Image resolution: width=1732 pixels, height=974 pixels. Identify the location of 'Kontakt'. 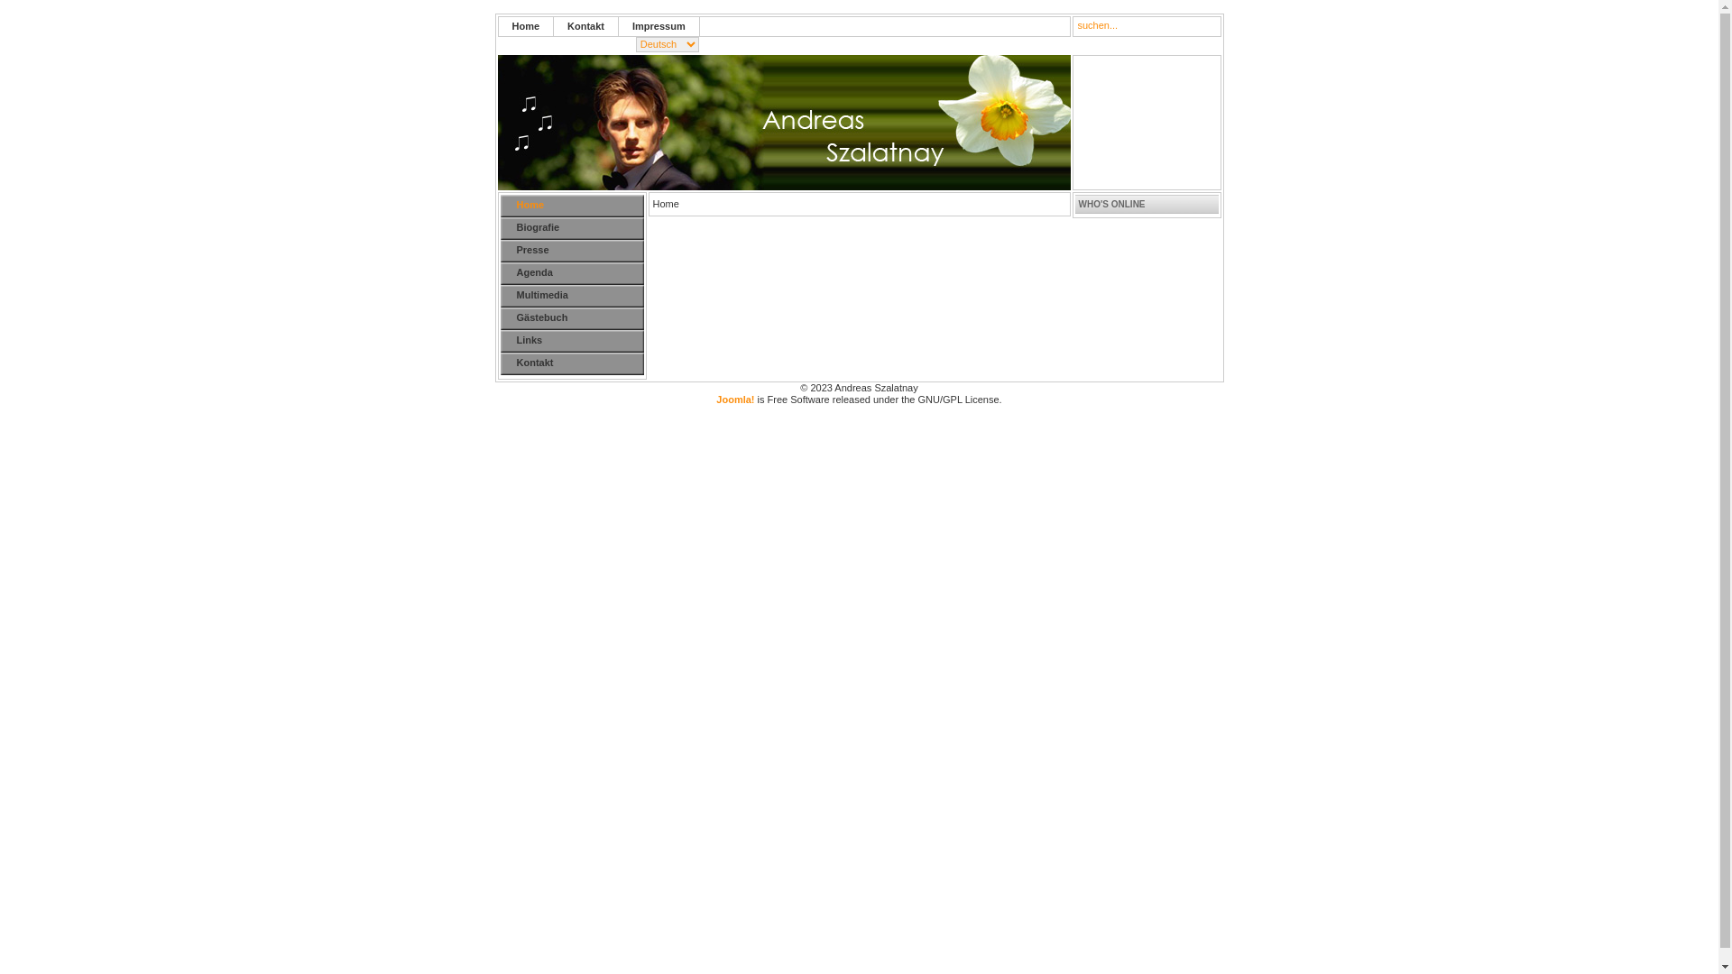
(585, 26).